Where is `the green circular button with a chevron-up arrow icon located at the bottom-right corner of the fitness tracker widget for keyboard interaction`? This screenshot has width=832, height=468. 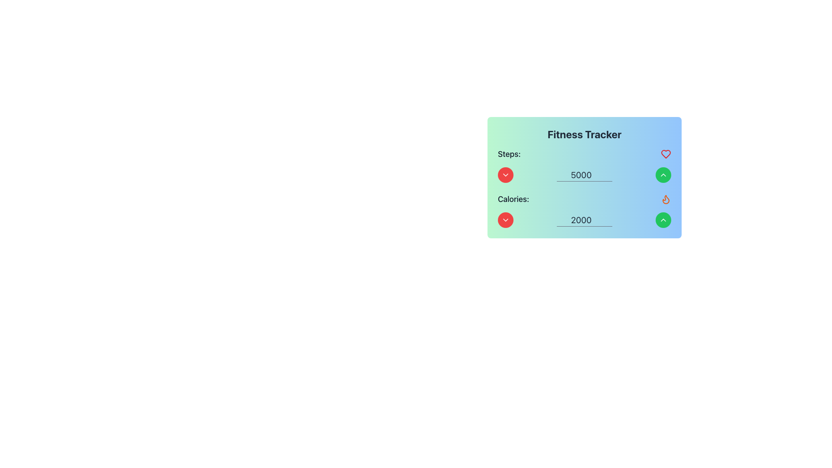
the green circular button with a chevron-up arrow icon located at the bottom-right corner of the fitness tracker widget for keyboard interaction is located at coordinates (663, 175).